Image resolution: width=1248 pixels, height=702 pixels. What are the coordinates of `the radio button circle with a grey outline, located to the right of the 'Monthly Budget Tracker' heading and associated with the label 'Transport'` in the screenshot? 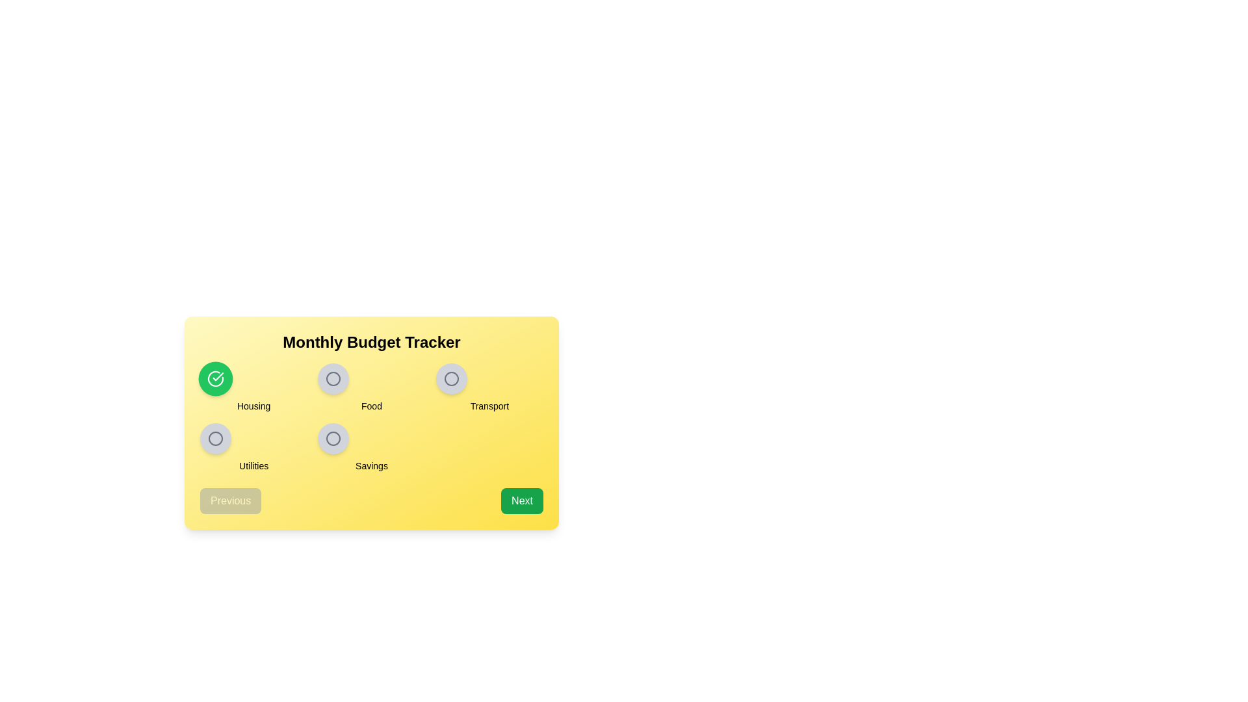 It's located at (451, 378).